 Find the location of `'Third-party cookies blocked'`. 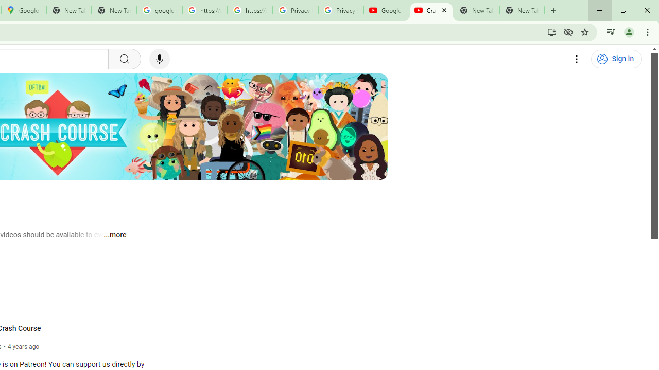

'Third-party cookies blocked' is located at coordinates (568, 31).